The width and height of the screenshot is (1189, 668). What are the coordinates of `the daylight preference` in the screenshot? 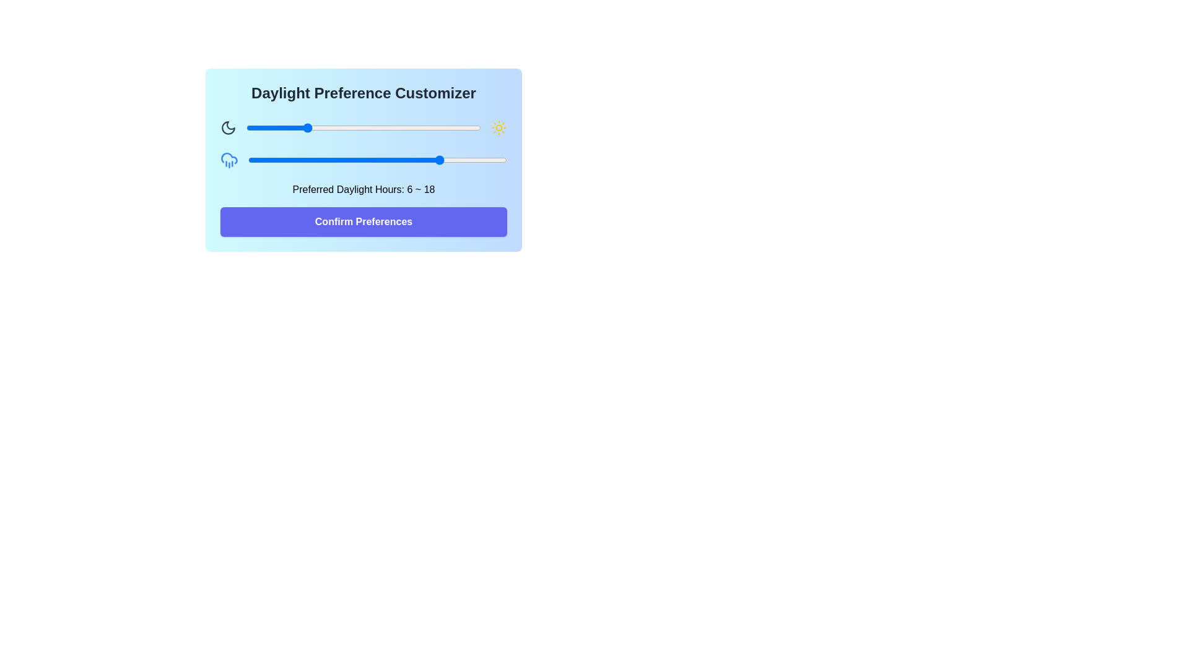 It's located at (334, 128).